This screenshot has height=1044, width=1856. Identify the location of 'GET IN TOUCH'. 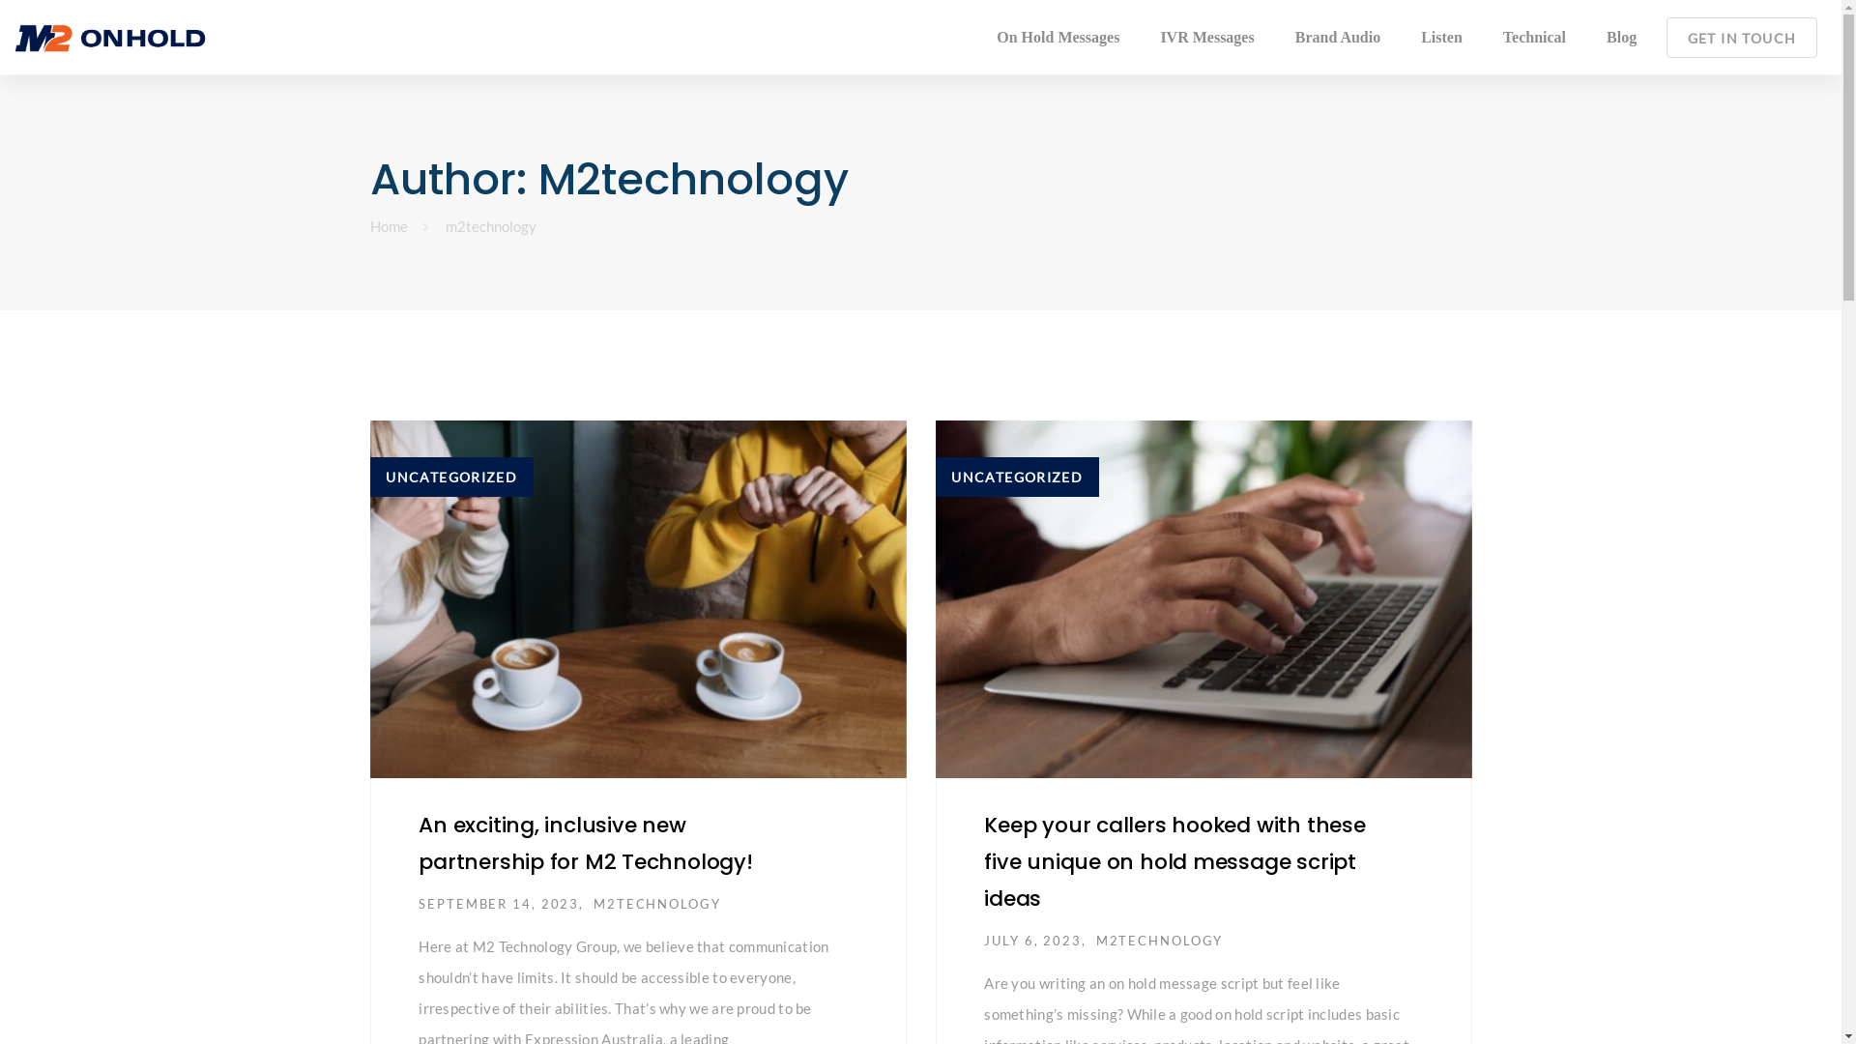
(1741, 37).